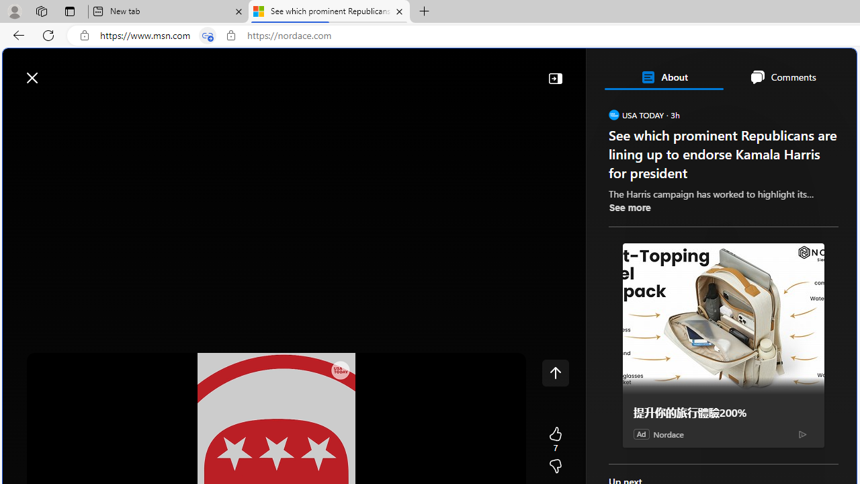  What do you see at coordinates (54, 71) in the screenshot?
I see `'Skip to footer'` at bounding box center [54, 71].